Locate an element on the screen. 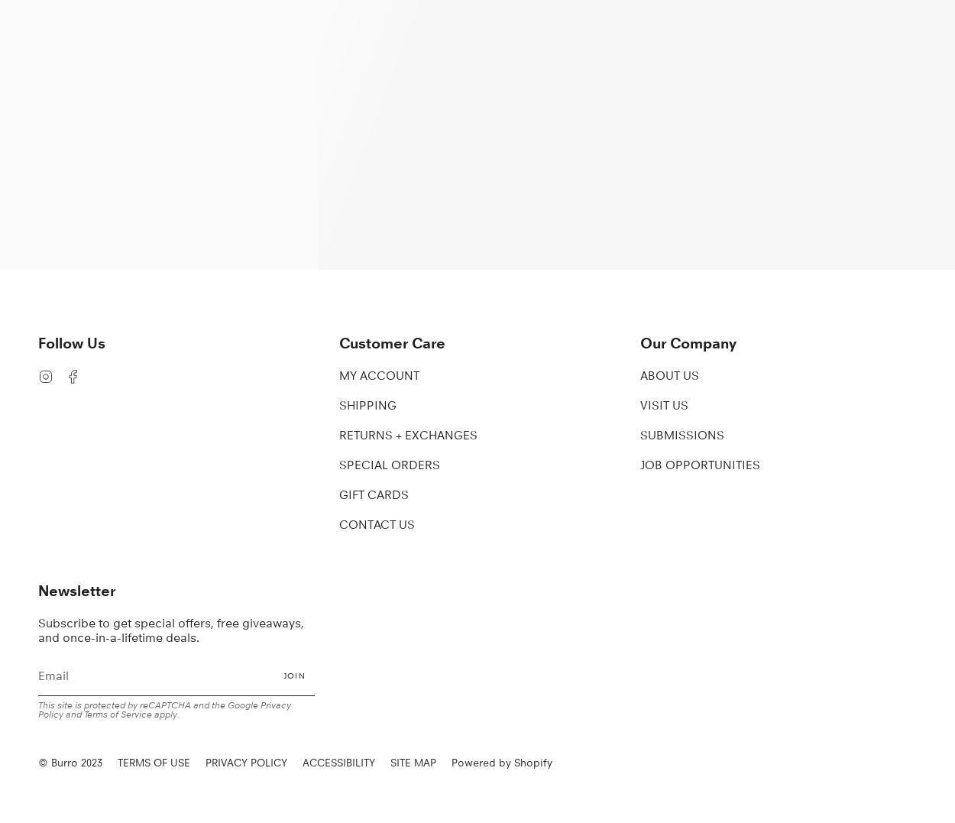 The width and height of the screenshot is (955, 823). 'Newsletter' is located at coordinates (76, 589).